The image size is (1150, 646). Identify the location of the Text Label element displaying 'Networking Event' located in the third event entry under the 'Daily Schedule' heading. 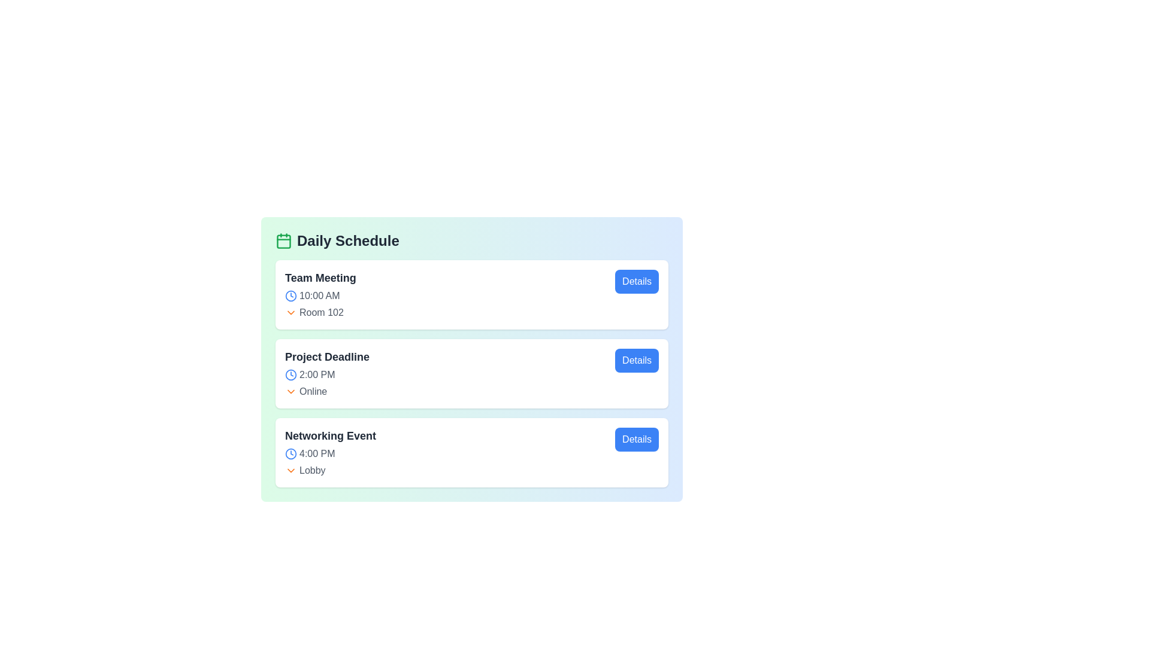
(331, 436).